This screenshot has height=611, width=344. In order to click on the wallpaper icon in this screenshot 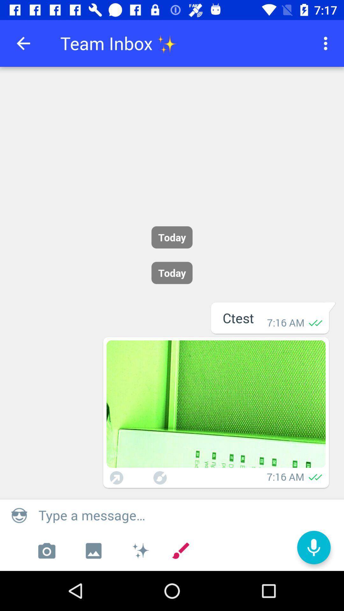, I will do `click(93, 551)`.